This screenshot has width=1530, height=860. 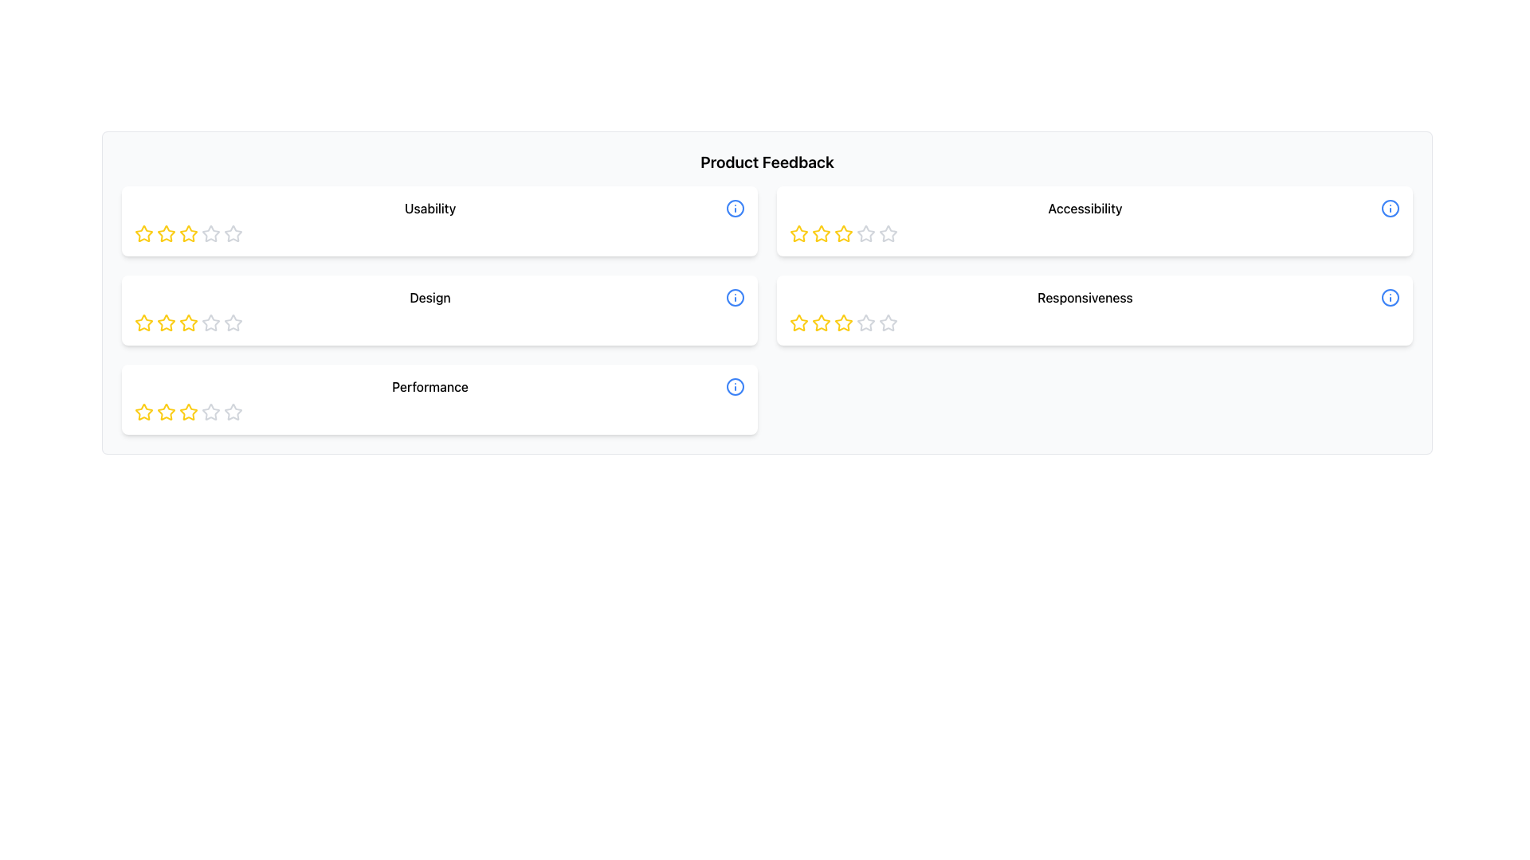 What do you see at coordinates (144, 411) in the screenshot?
I see `the first star icon in the 'Performance' rating section` at bounding box center [144, 411].